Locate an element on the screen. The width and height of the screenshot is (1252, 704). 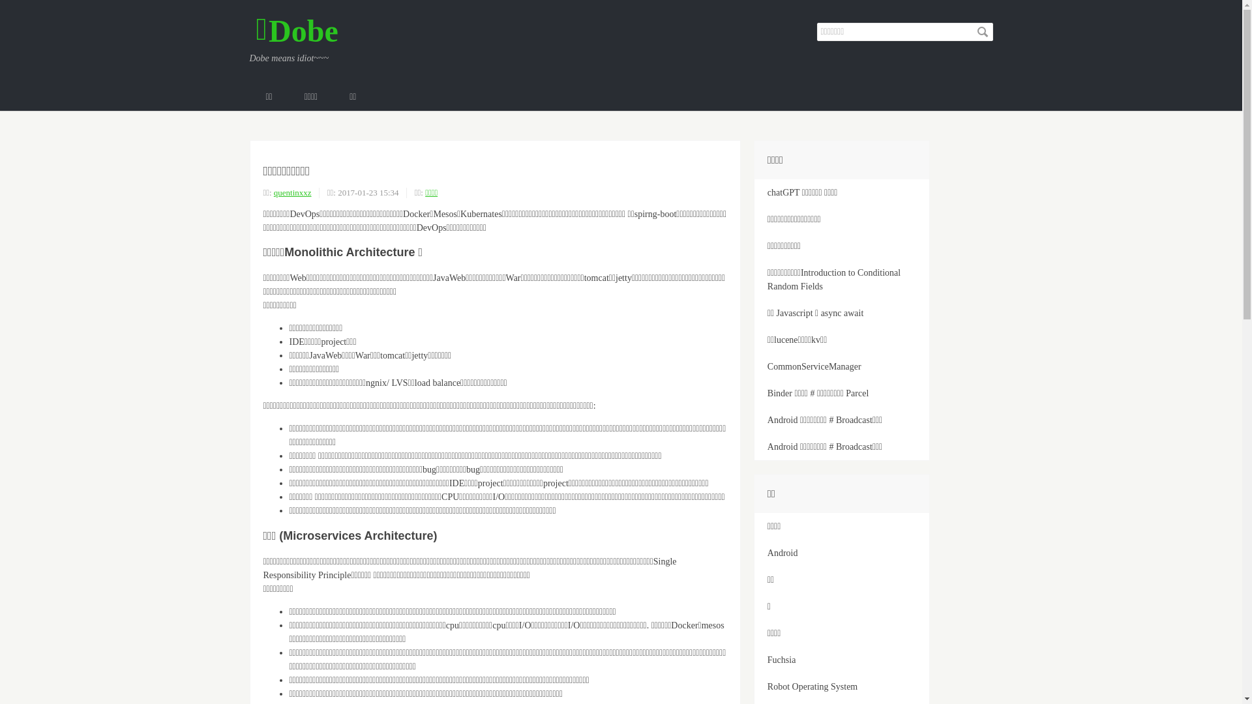
'Dobe' is located at coordinates (256, 29).